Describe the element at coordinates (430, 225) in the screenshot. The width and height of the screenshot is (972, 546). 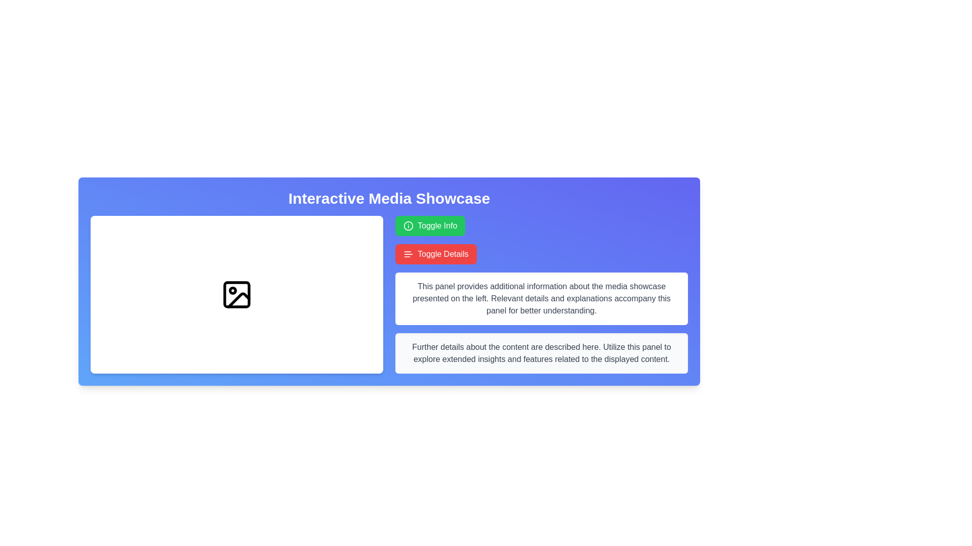
I see `the toggle button located in the top-right section of the interface to observe any hover effects` at that location.